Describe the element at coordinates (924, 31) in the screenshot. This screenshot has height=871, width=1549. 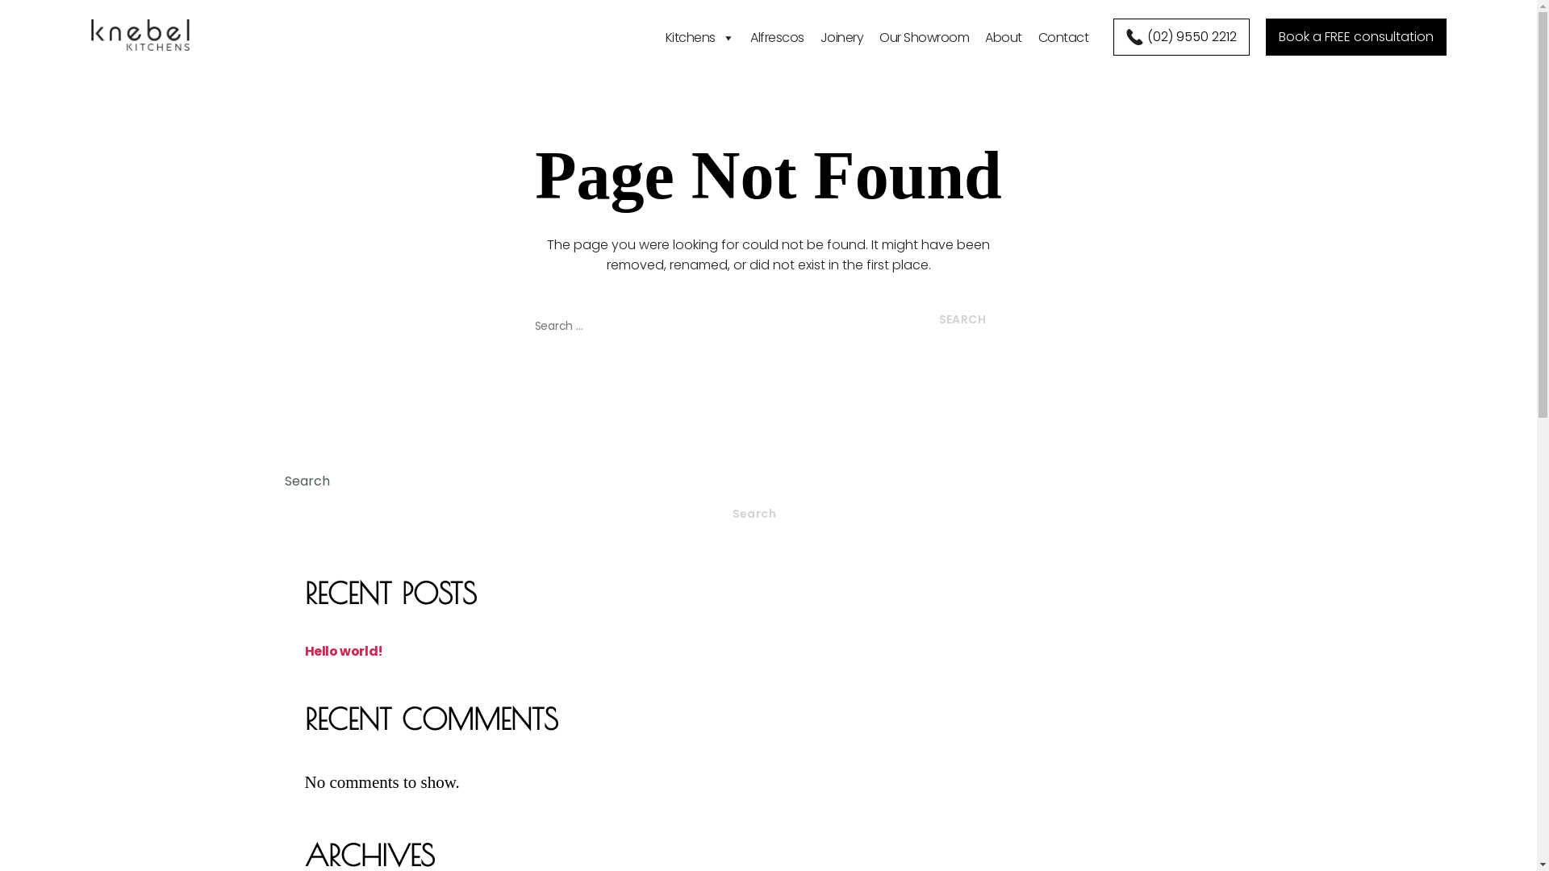
I see `'Our Showroom'` at that location.